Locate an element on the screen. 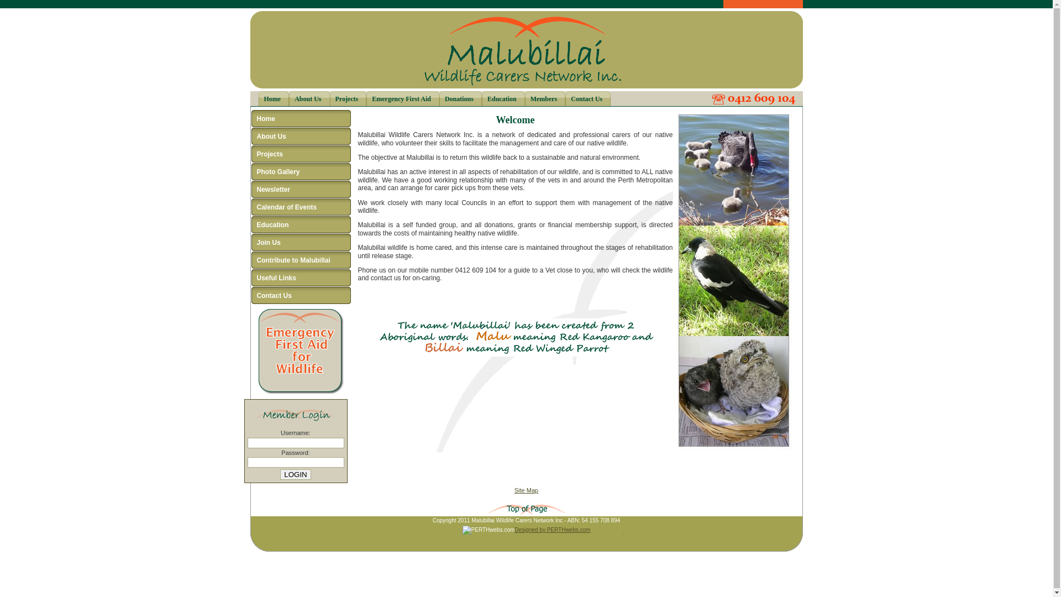 This screenshot has height=597, width=1061. 'Join Us' is located at coordinates (300, 242).